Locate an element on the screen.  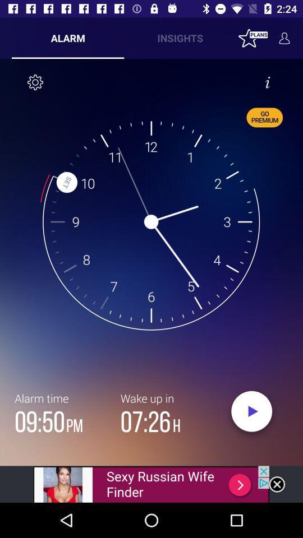
advertisement is located at coordinates (151, 484).